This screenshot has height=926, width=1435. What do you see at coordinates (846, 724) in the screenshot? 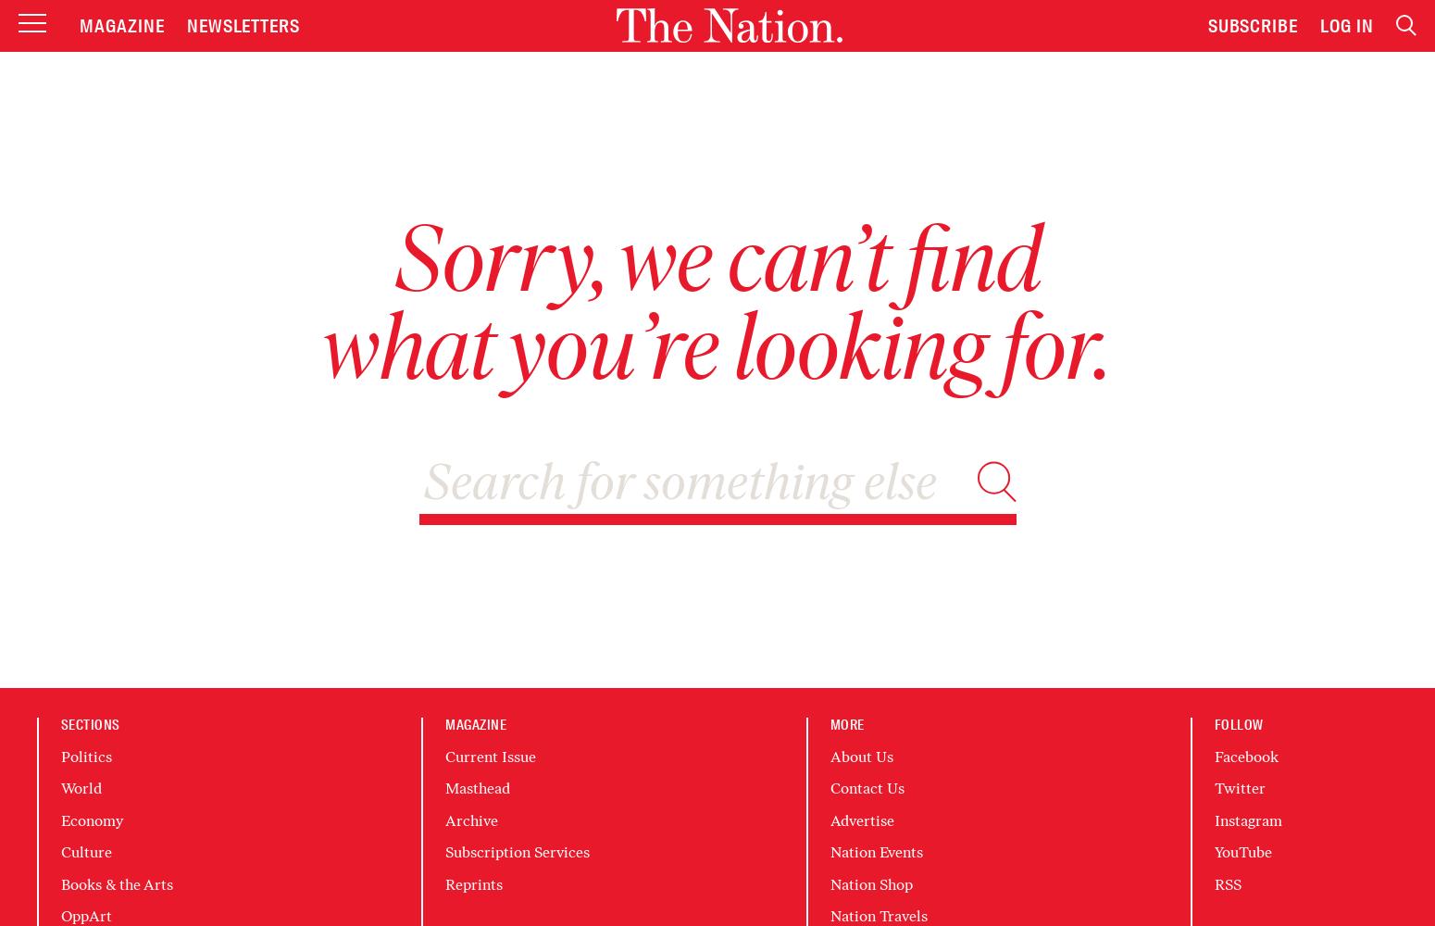
I see `'More'` at bounding box center [846, 724].